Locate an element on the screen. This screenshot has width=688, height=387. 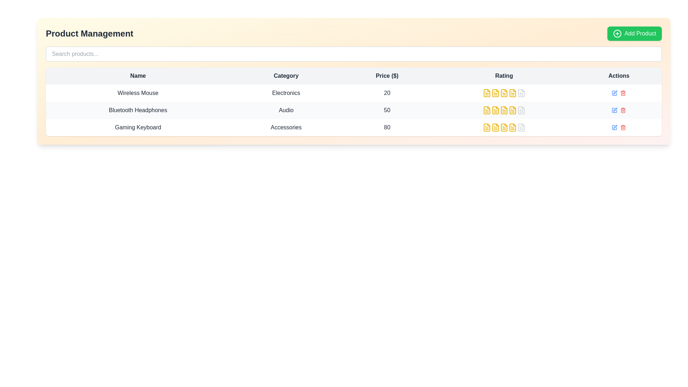
the filled document icon in the 'Rating' column of the second row, which visually indicates the rating level is located at coordinates (495, 92).